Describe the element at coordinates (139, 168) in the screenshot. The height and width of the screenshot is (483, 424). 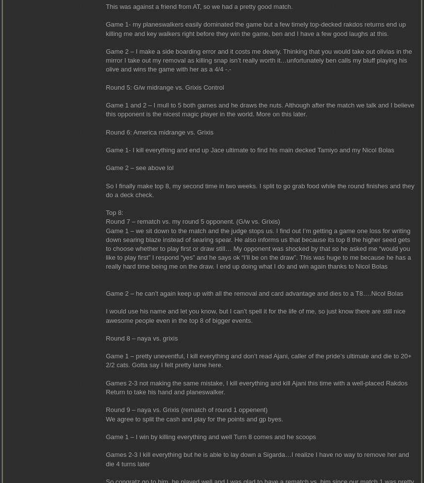
I see `'Game 2 – see above lol'` at that location.